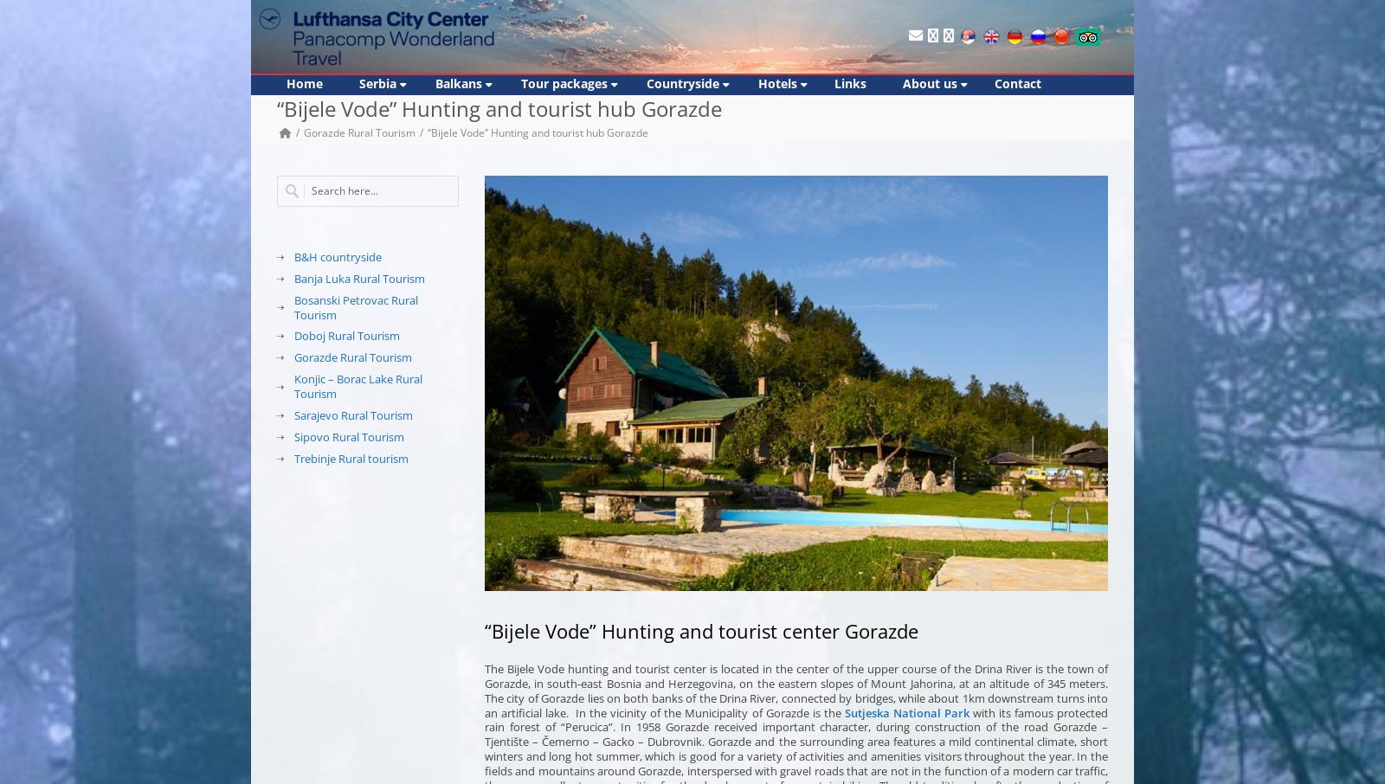  What do you see at coordinates (358, 277) in the screenshot?
I see `'Banja Luka Rural Tourism'` at bounding box center [358, 277].